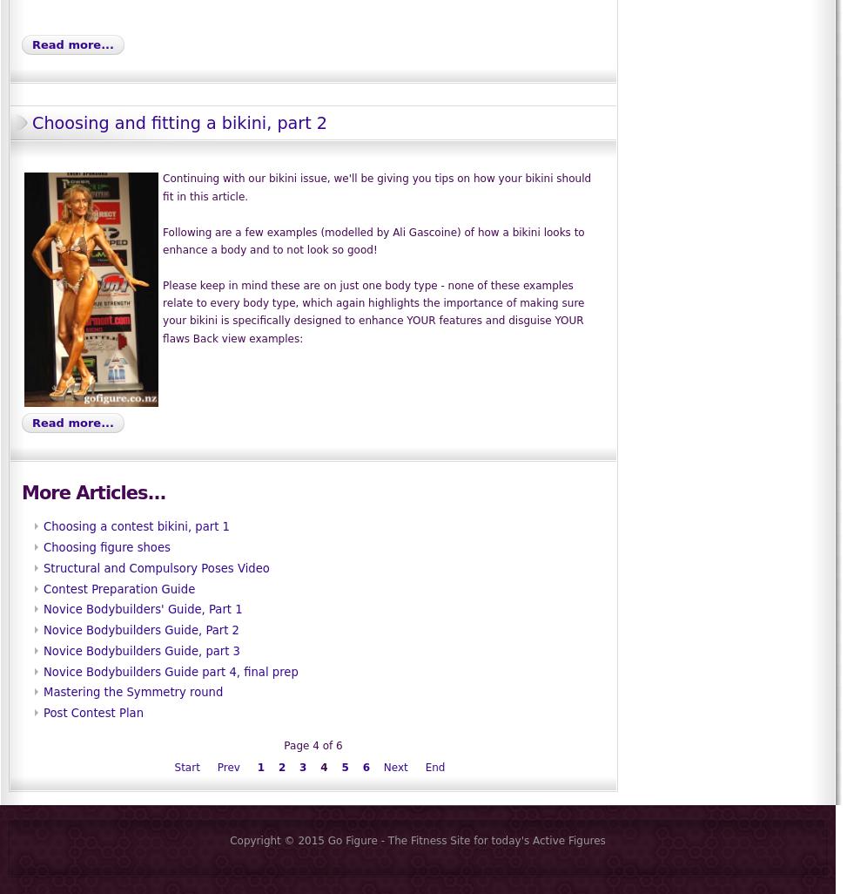  What do you see at coordinates (132, 691) in the screenshot?
I see `'Mastering the Symmetry round'` at bounding box center [132, 691].